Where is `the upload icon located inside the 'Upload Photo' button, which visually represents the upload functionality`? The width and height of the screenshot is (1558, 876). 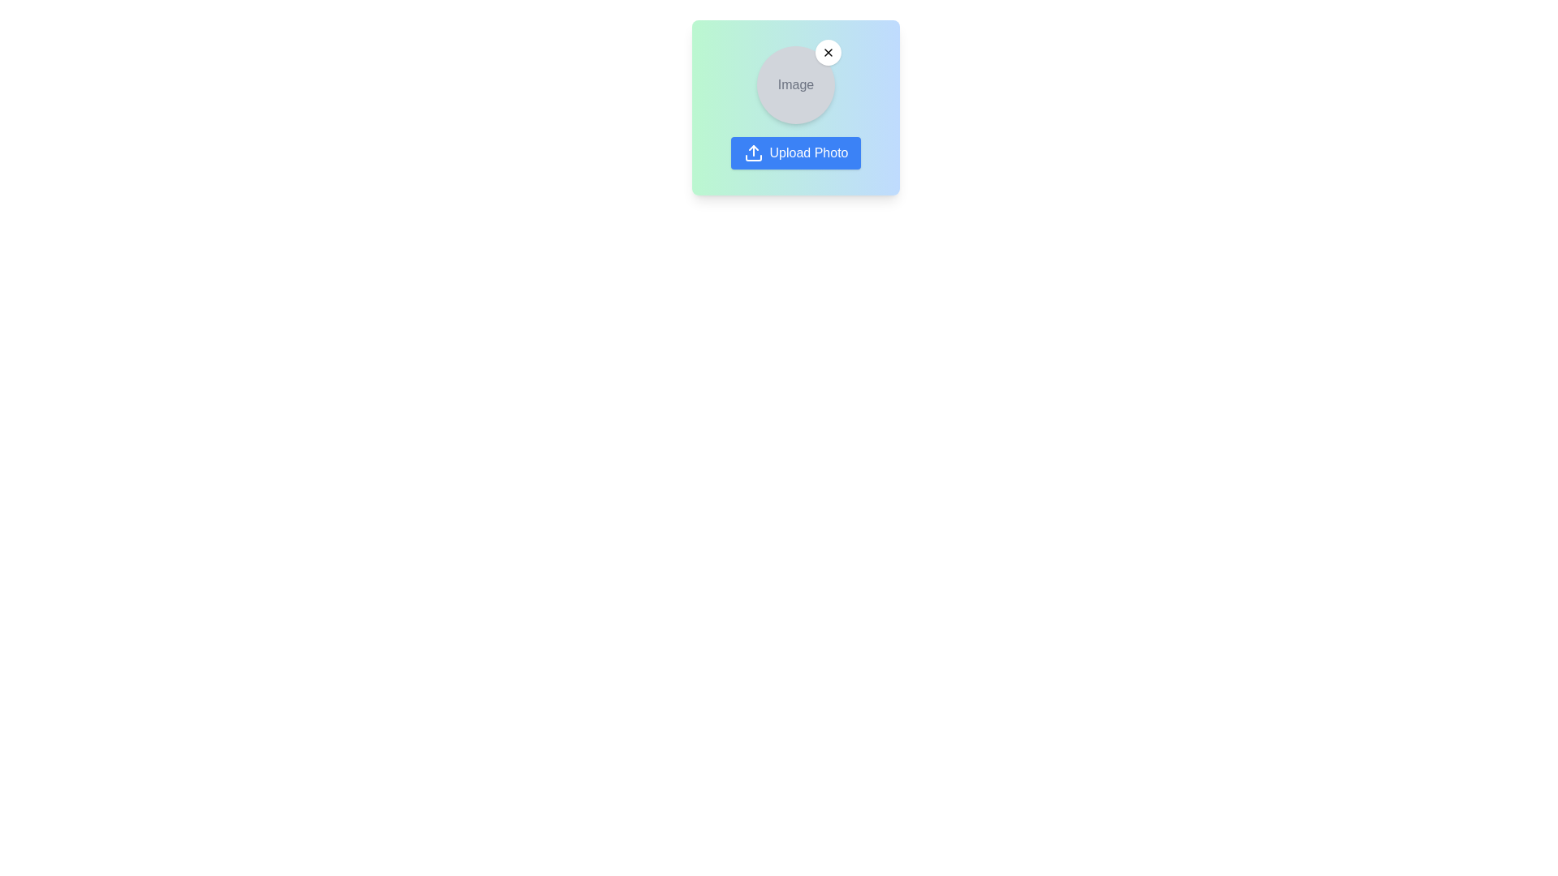
the upload icon located inside the 'Upload Photo' button, which visually represents the upload functionality is located at coordinates (752, 153).